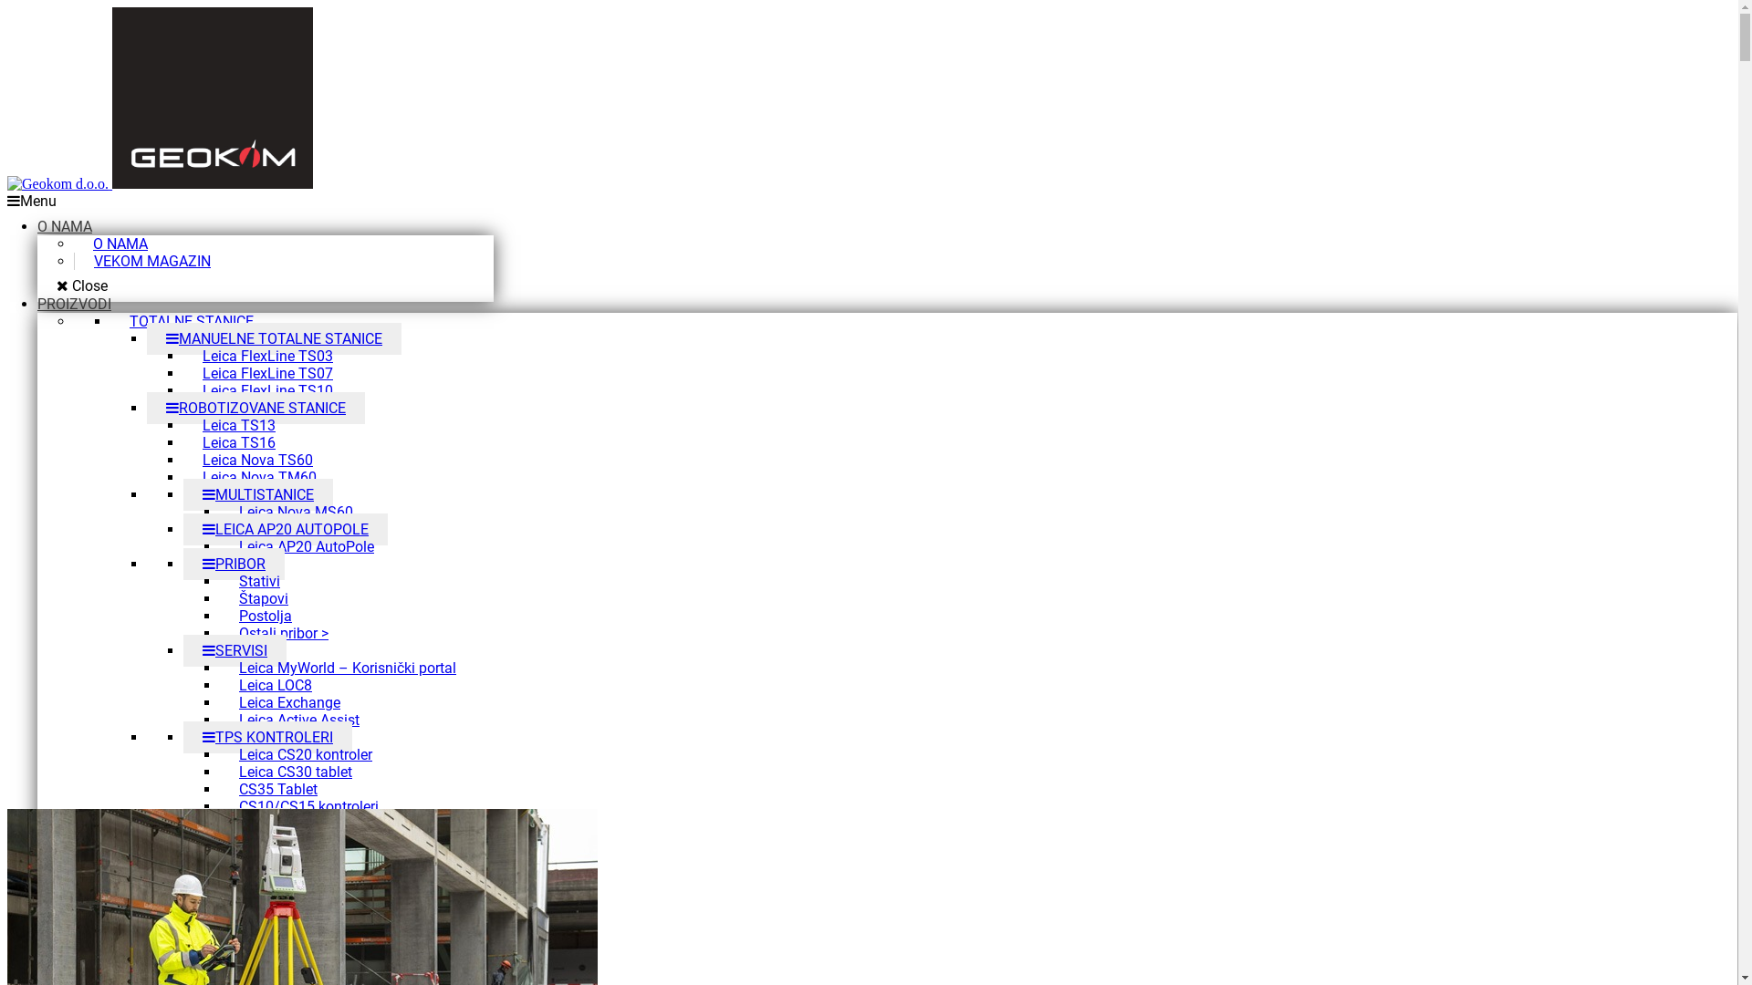  I want to click on 'Leica LOC8', so click(219, 685).